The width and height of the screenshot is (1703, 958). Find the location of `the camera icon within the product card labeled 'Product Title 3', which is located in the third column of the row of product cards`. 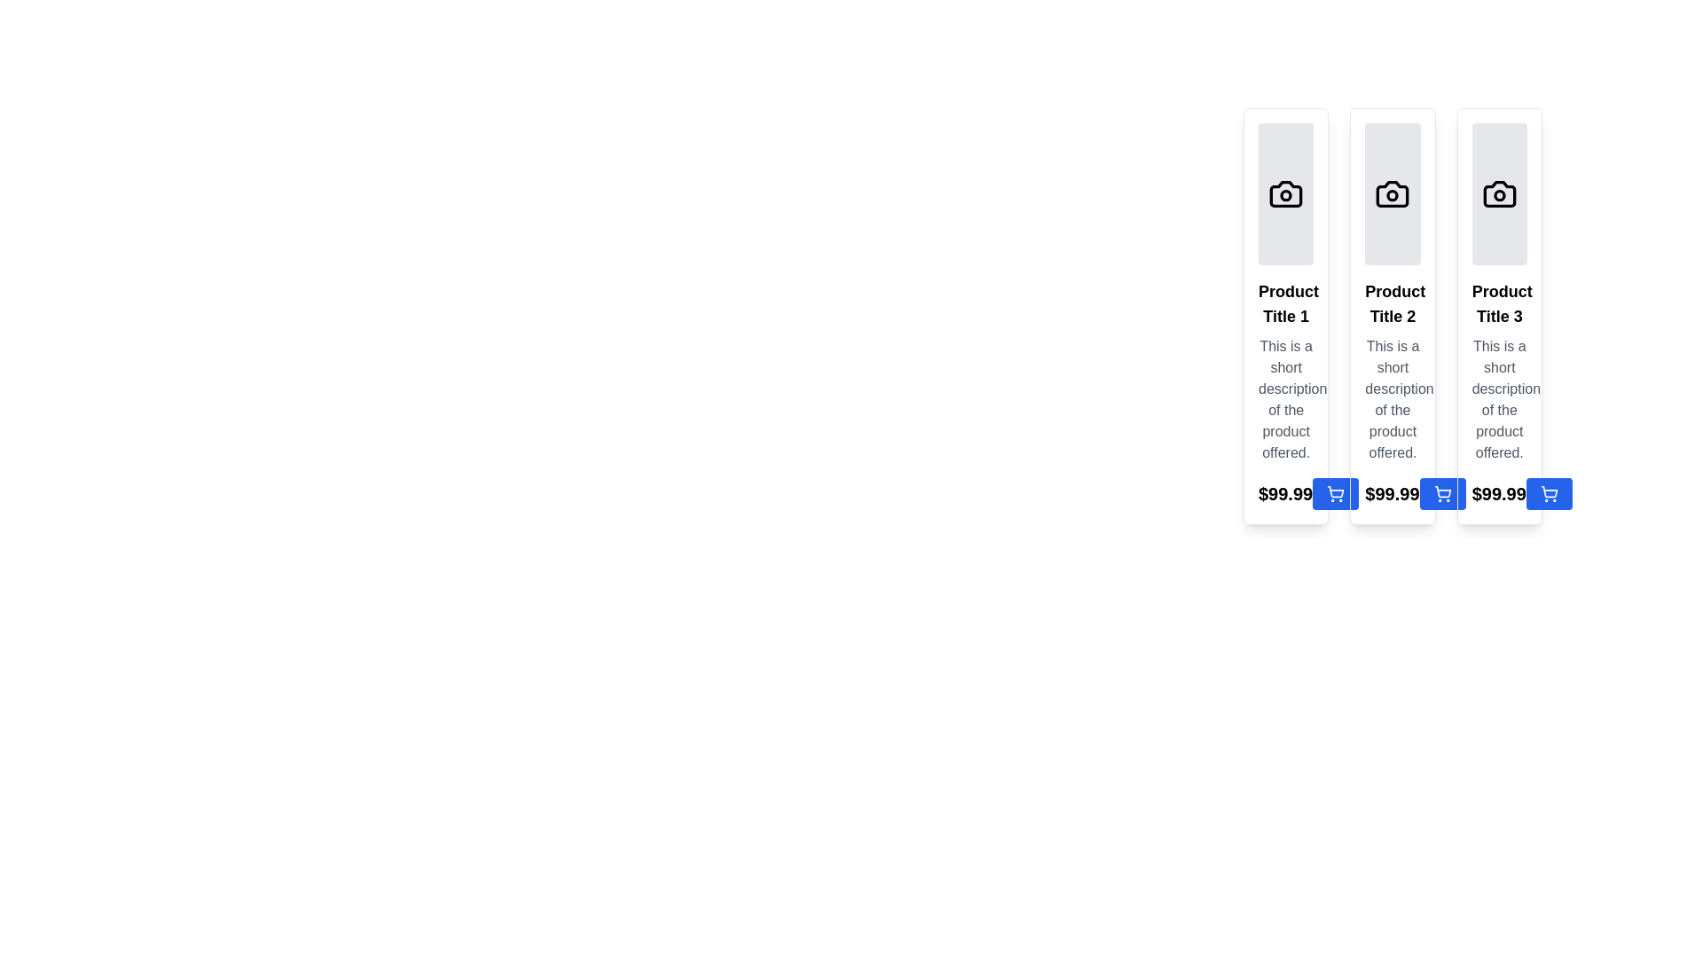

the camera icon within the product card labeled 'Product Title 3', which is located in the third column of the row of product cards is located at coordinates (1498, 194).